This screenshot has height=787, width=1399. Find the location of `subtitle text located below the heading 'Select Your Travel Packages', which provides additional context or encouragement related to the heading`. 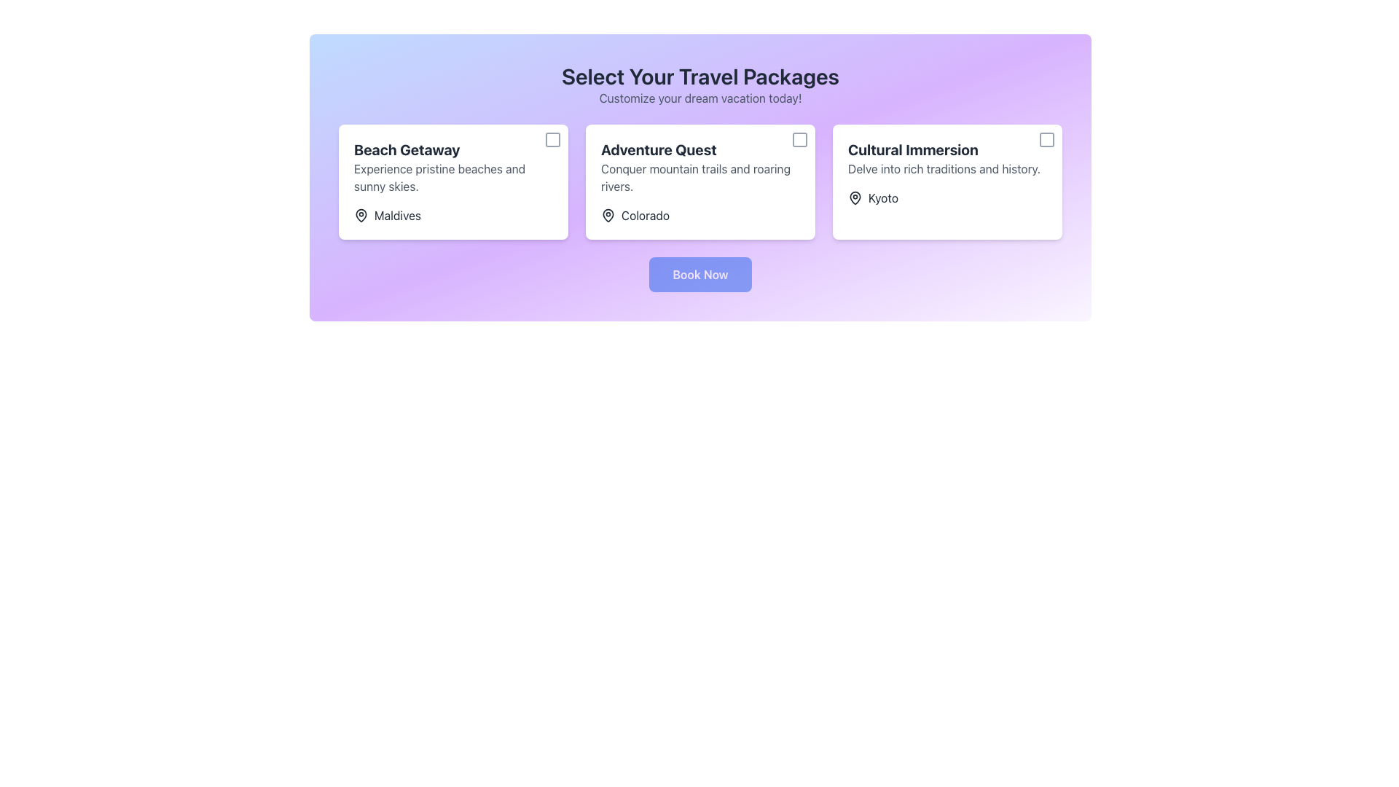

subtitle text located below the heading 'Select Your Travel Packages', which provides additional context or encouragement related to the heading is located at coordinates (700, 98).